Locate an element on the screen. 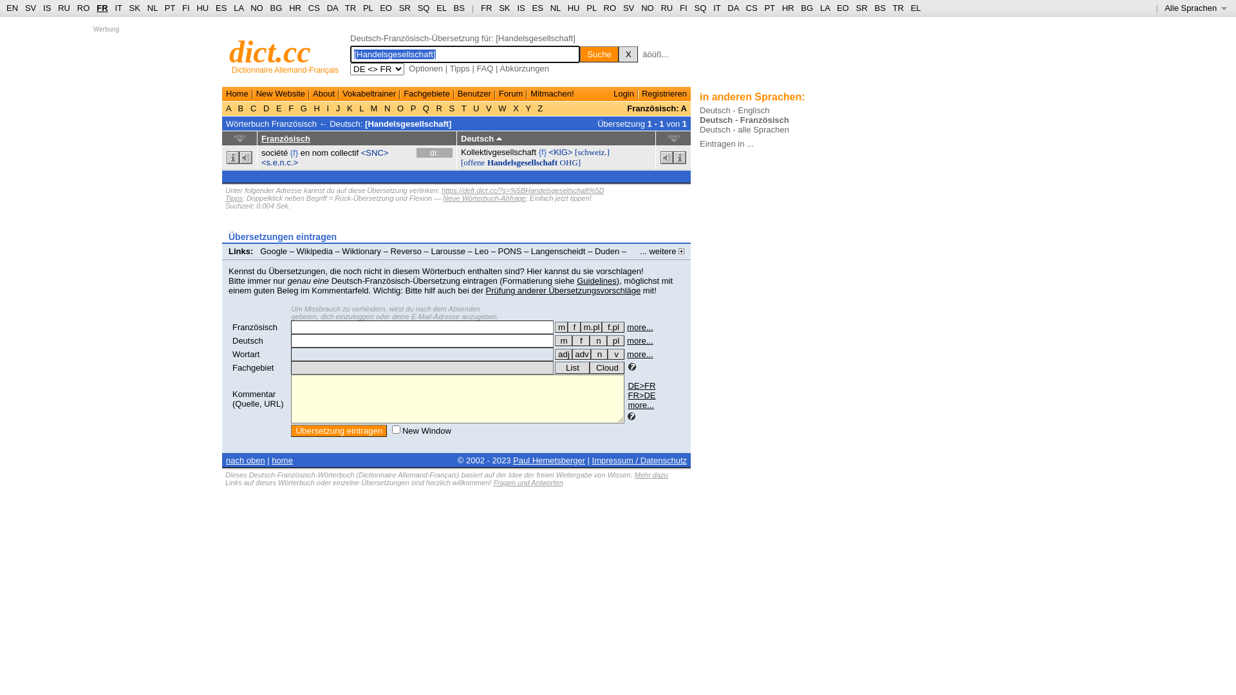 Image resolution: width=1236 pixels, height=695 pixels. 'v' is located at coordinates (607, 354).